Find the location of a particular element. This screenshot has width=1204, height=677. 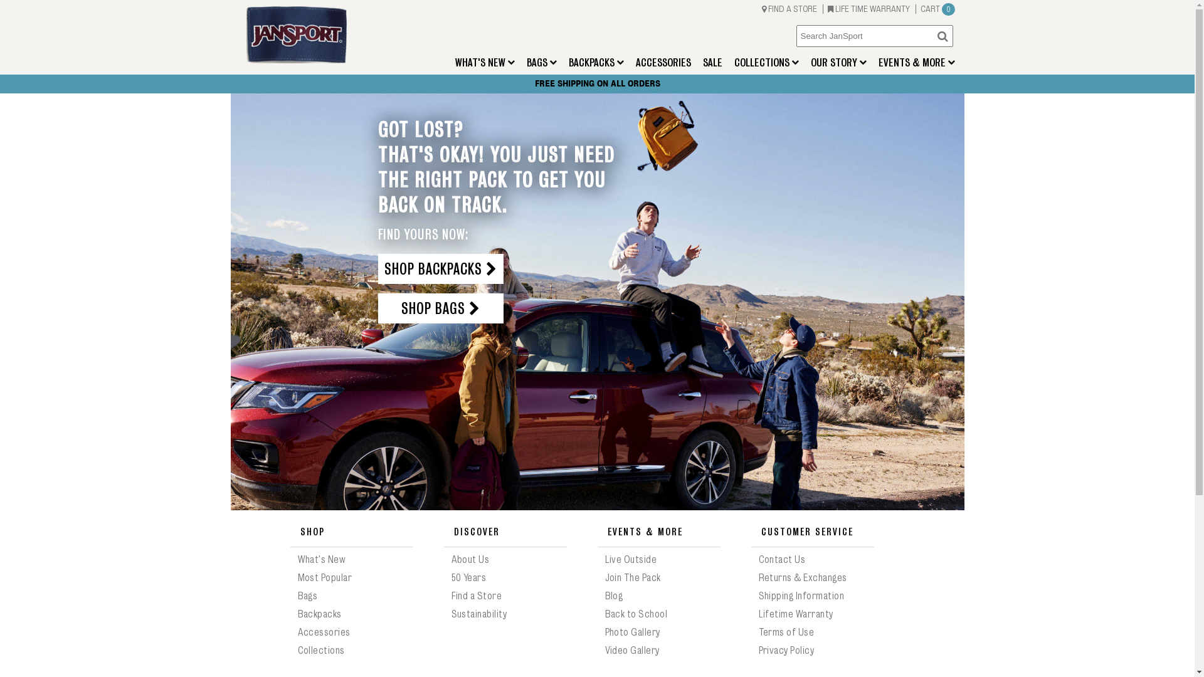

'What's New' is located at coordinates (297, 559).